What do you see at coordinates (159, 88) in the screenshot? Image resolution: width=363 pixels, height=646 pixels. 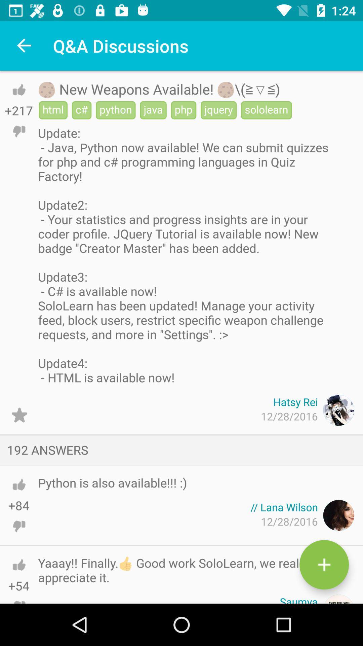 I see `the item above html icon` at bounding box center [159, 88].